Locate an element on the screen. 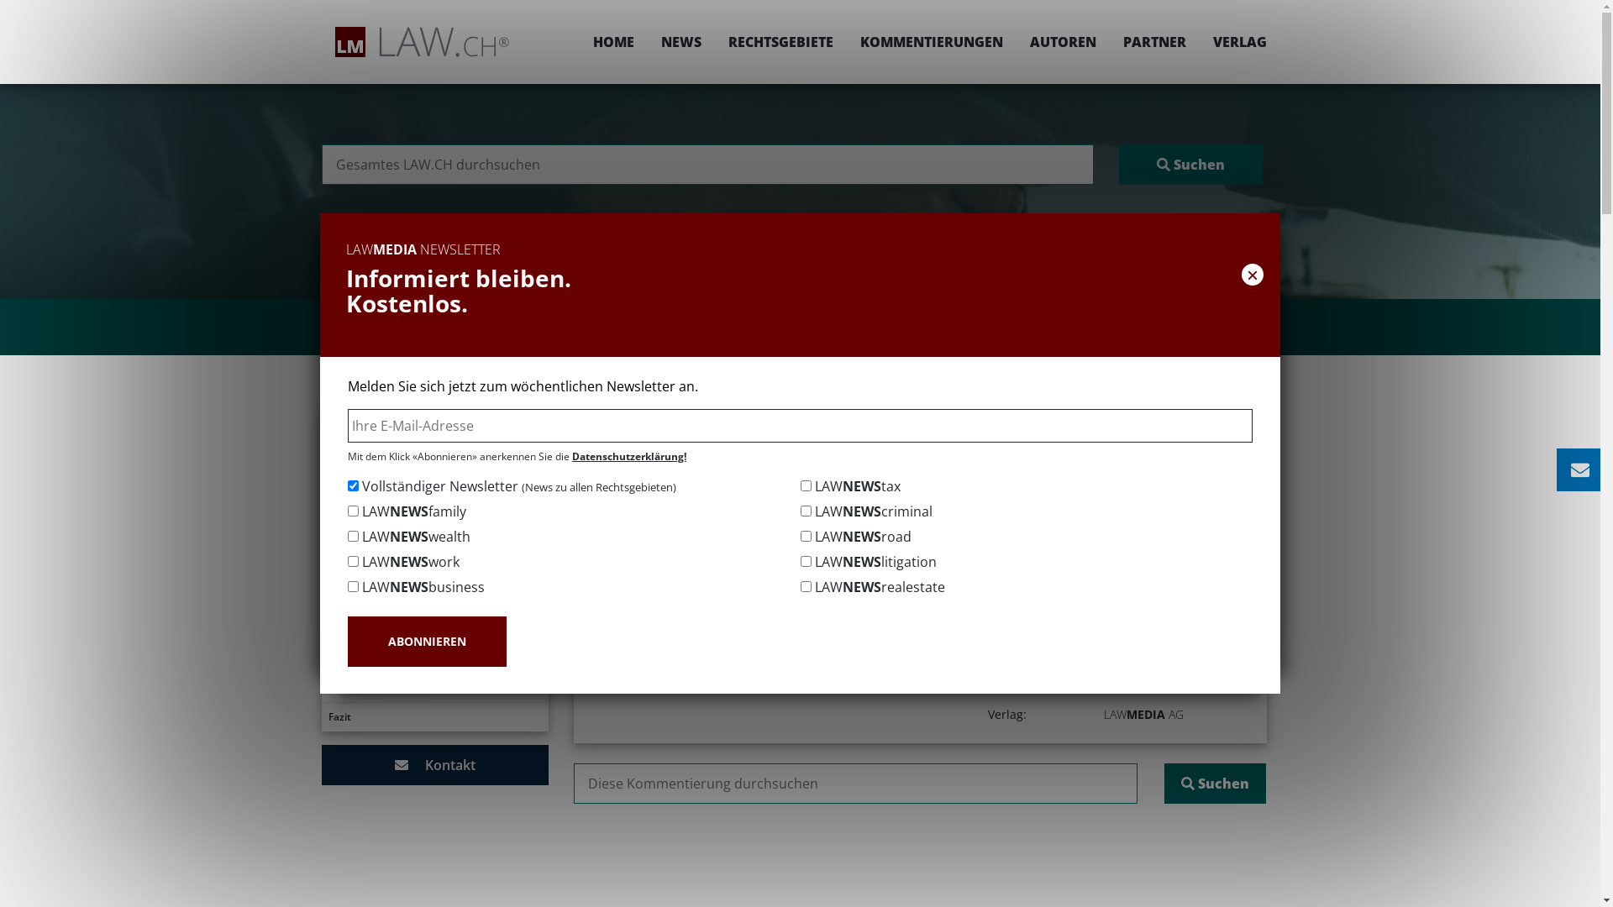  'ABONNIEREN' is located at coordinates (346, 641).